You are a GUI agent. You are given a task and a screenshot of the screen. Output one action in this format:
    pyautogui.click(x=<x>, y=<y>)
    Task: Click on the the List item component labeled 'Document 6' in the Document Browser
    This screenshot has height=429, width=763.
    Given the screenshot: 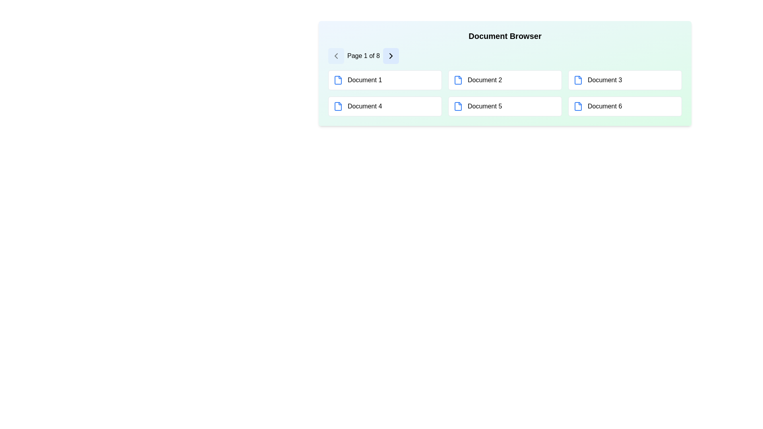 What is the action you would take?
    pyautogui.click(x=625, y=106)
    